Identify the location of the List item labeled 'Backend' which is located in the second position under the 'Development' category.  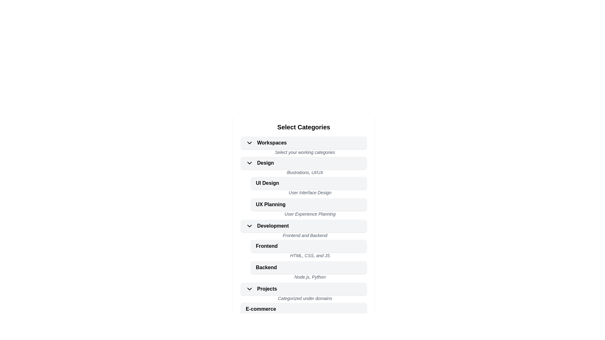
(308, 267).